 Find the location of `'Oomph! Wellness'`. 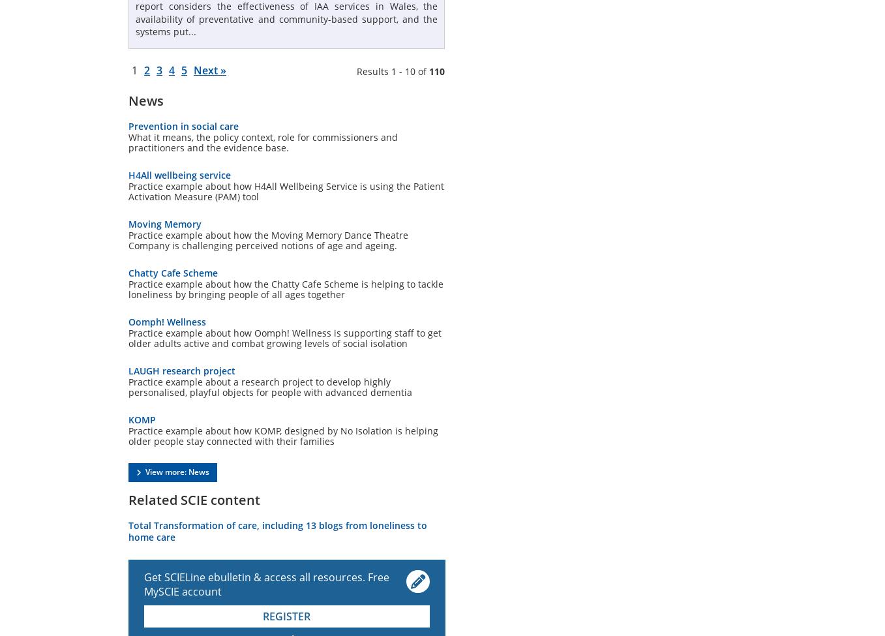

'Oomph! Wellness' is located at coordinates (166, 320).